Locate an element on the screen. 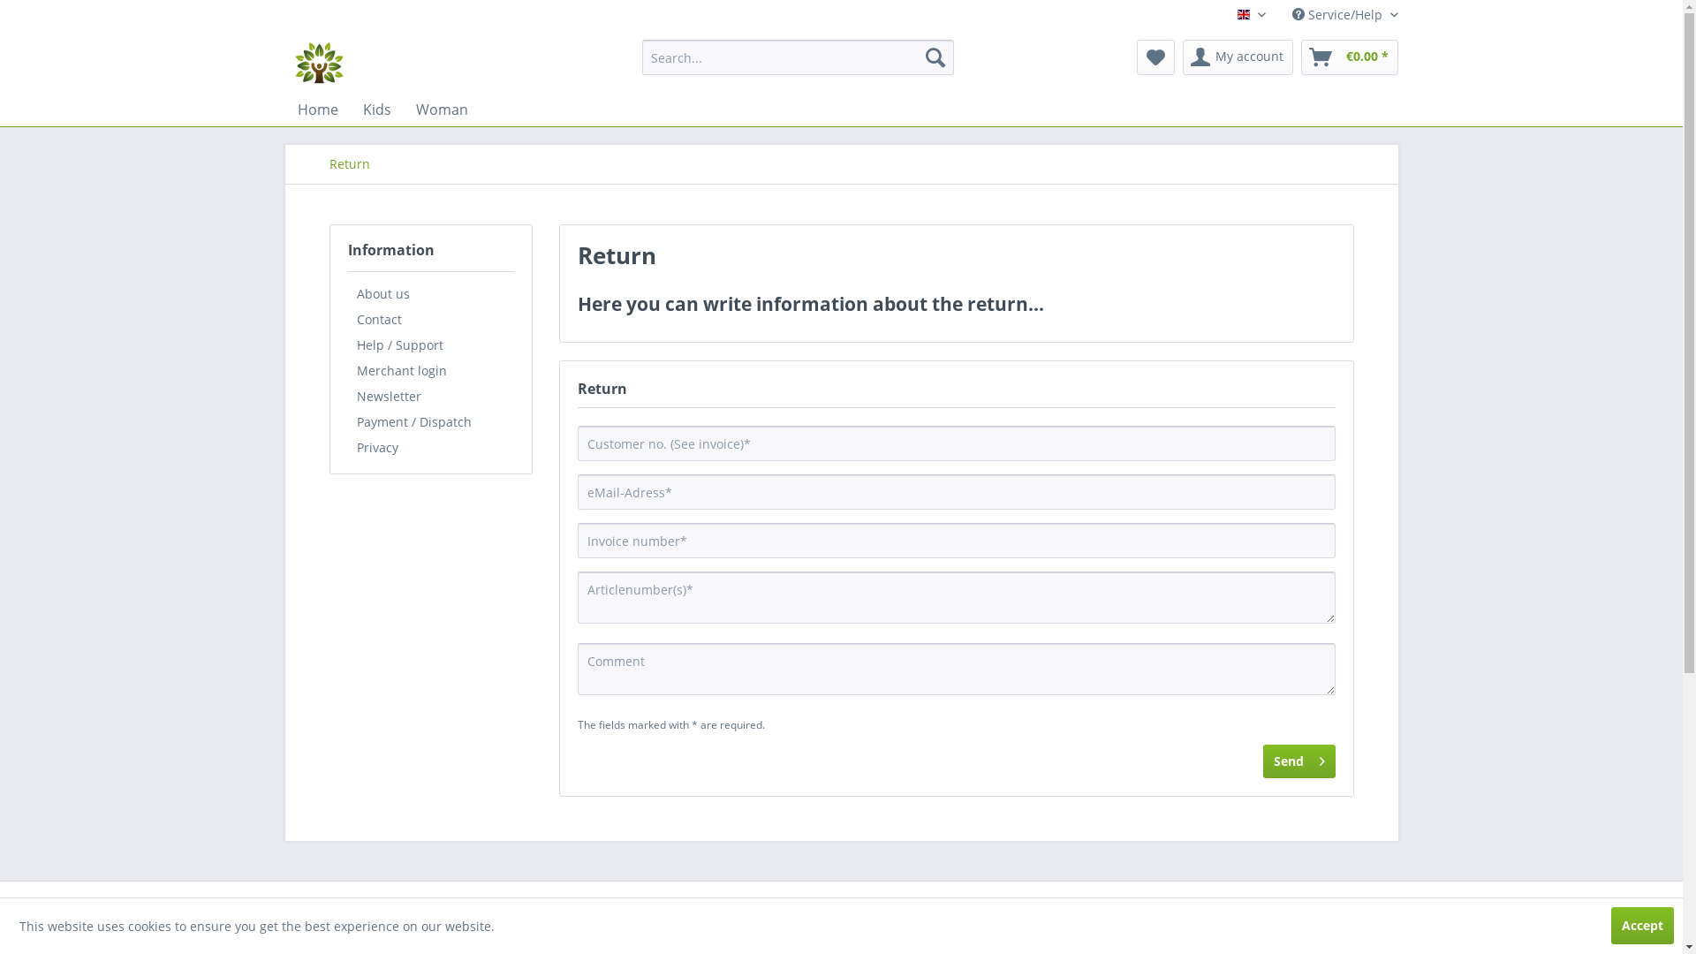  'Woman' is located at coordinates (441, 109).